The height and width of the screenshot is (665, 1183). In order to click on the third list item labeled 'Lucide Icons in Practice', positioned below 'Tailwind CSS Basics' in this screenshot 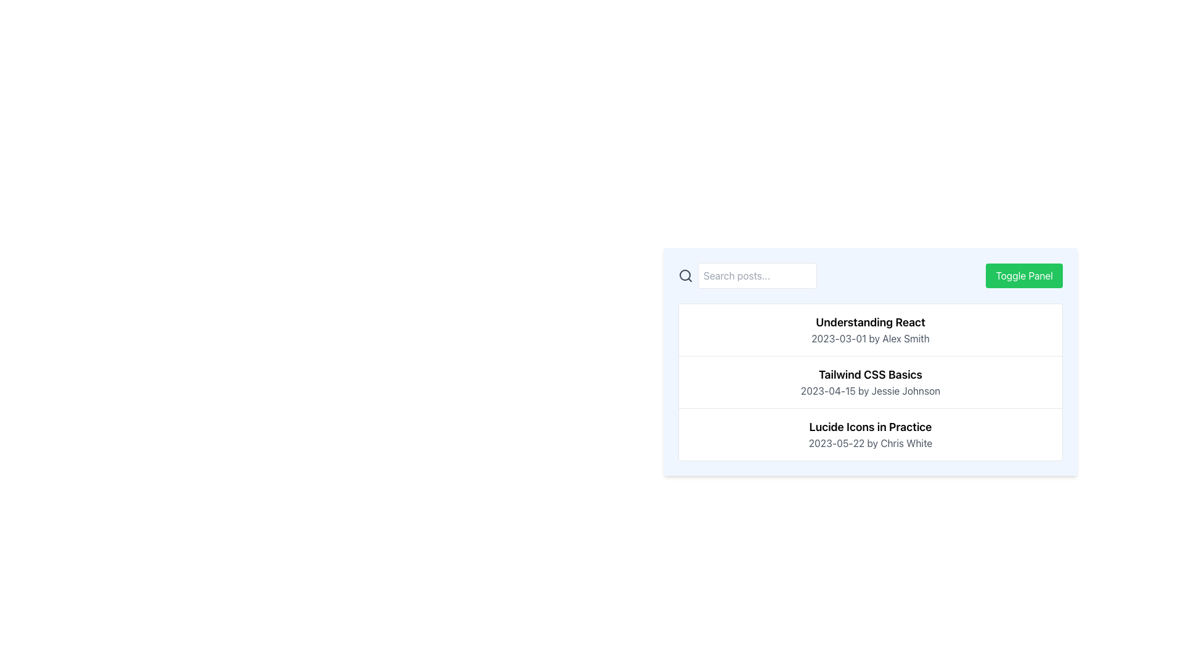, I will do `click(869, 433)`.